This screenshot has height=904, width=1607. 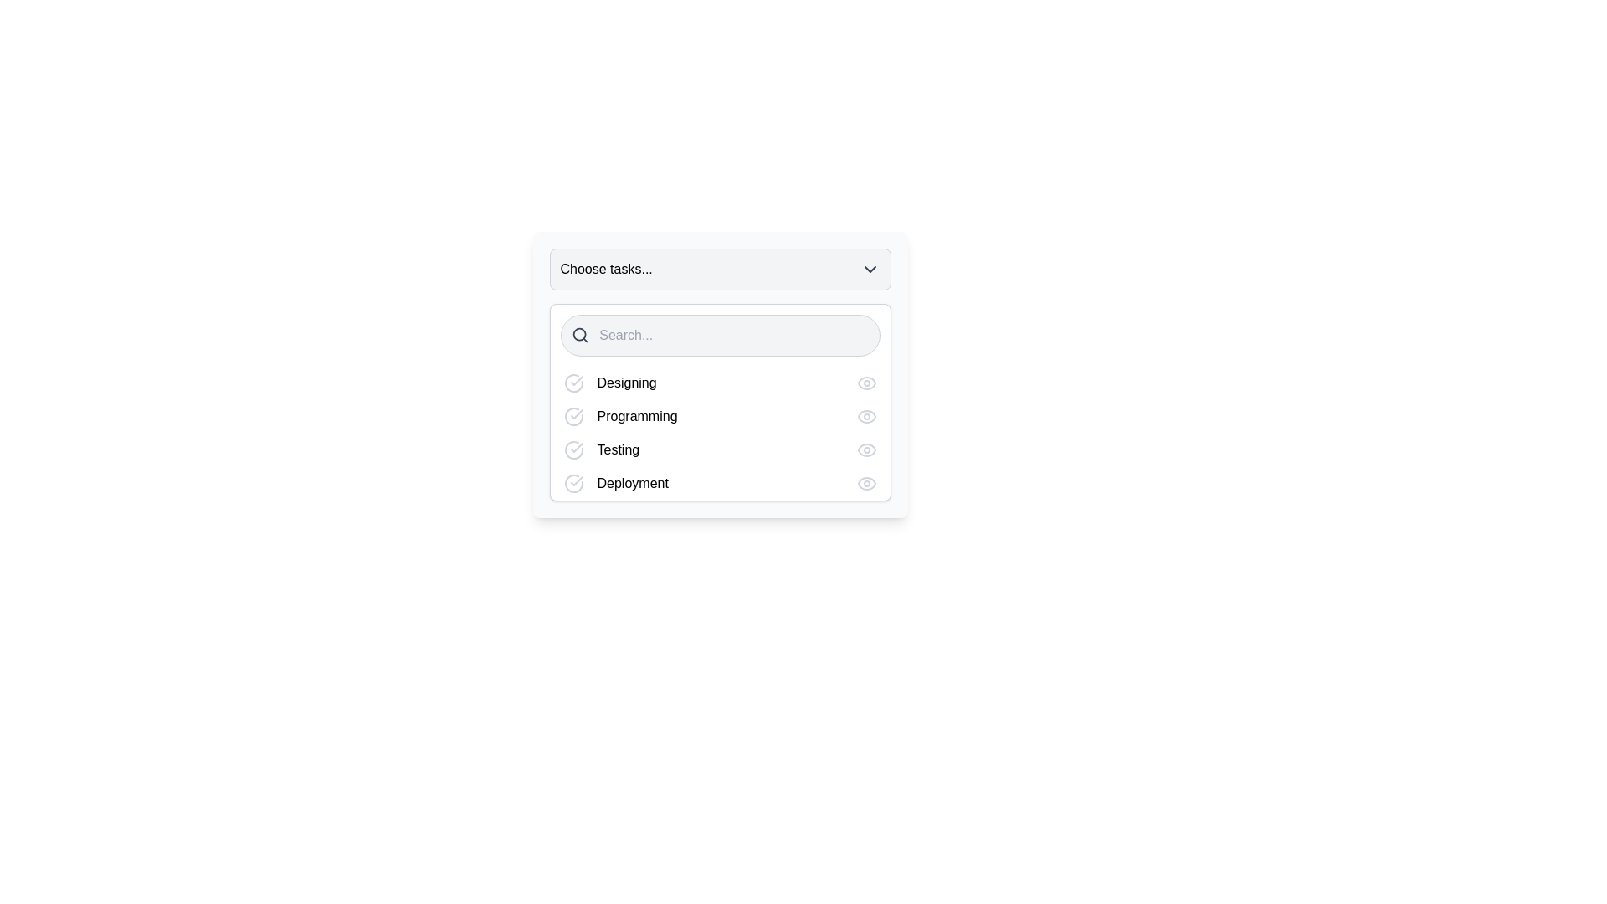 What do you see at coordinates (580, 336) in the screenshot?
I see `the search icon located in the upper-left corner of the search bar` at bounding box center [580, 336].